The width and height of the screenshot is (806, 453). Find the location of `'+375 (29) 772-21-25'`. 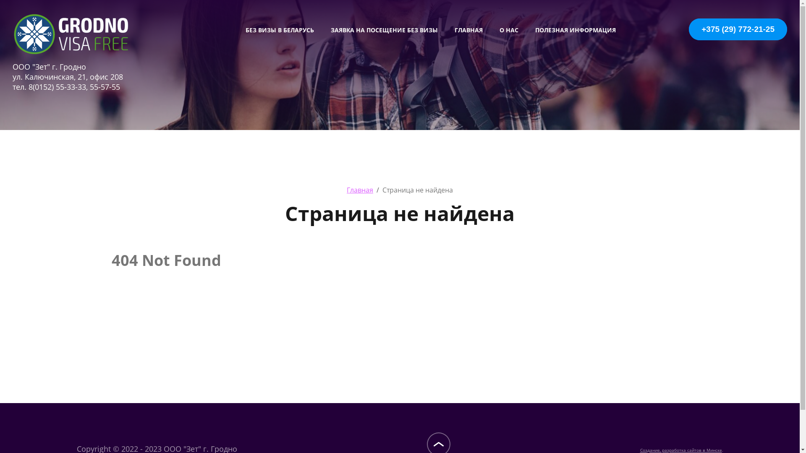

'+375 (29) 772-21-25' is located at coordinates (752, 34).